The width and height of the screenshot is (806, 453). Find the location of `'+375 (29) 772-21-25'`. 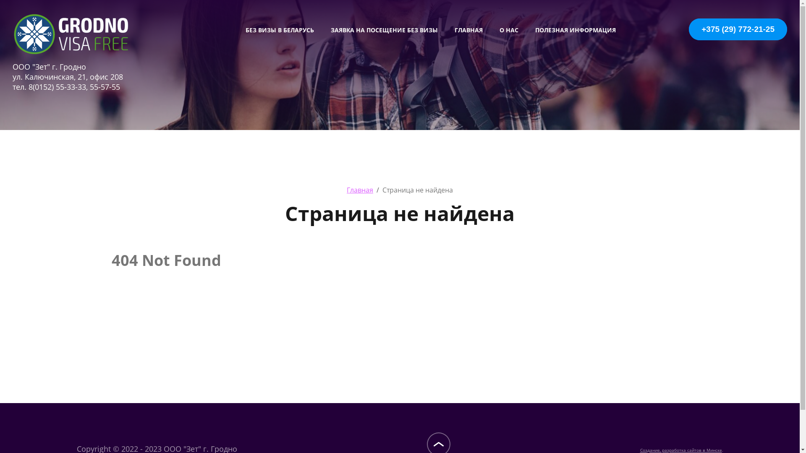

'+375 (29) 772-21-25' is located at coordinates (752, 34).